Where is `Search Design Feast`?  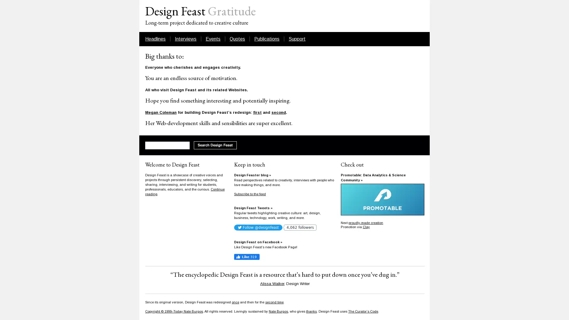
Search Design Feast is located at coordinates (215, 145).